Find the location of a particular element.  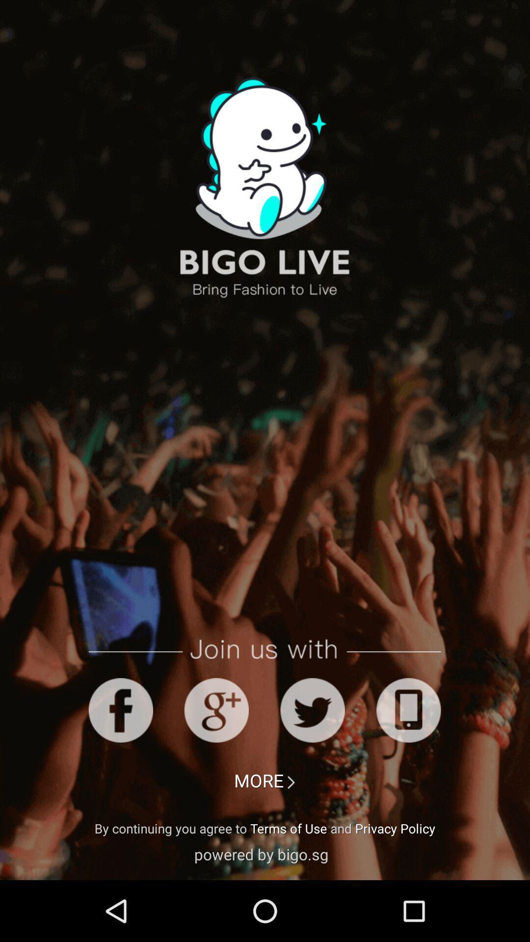

sign on using google login is located at coordinates (216, 710).